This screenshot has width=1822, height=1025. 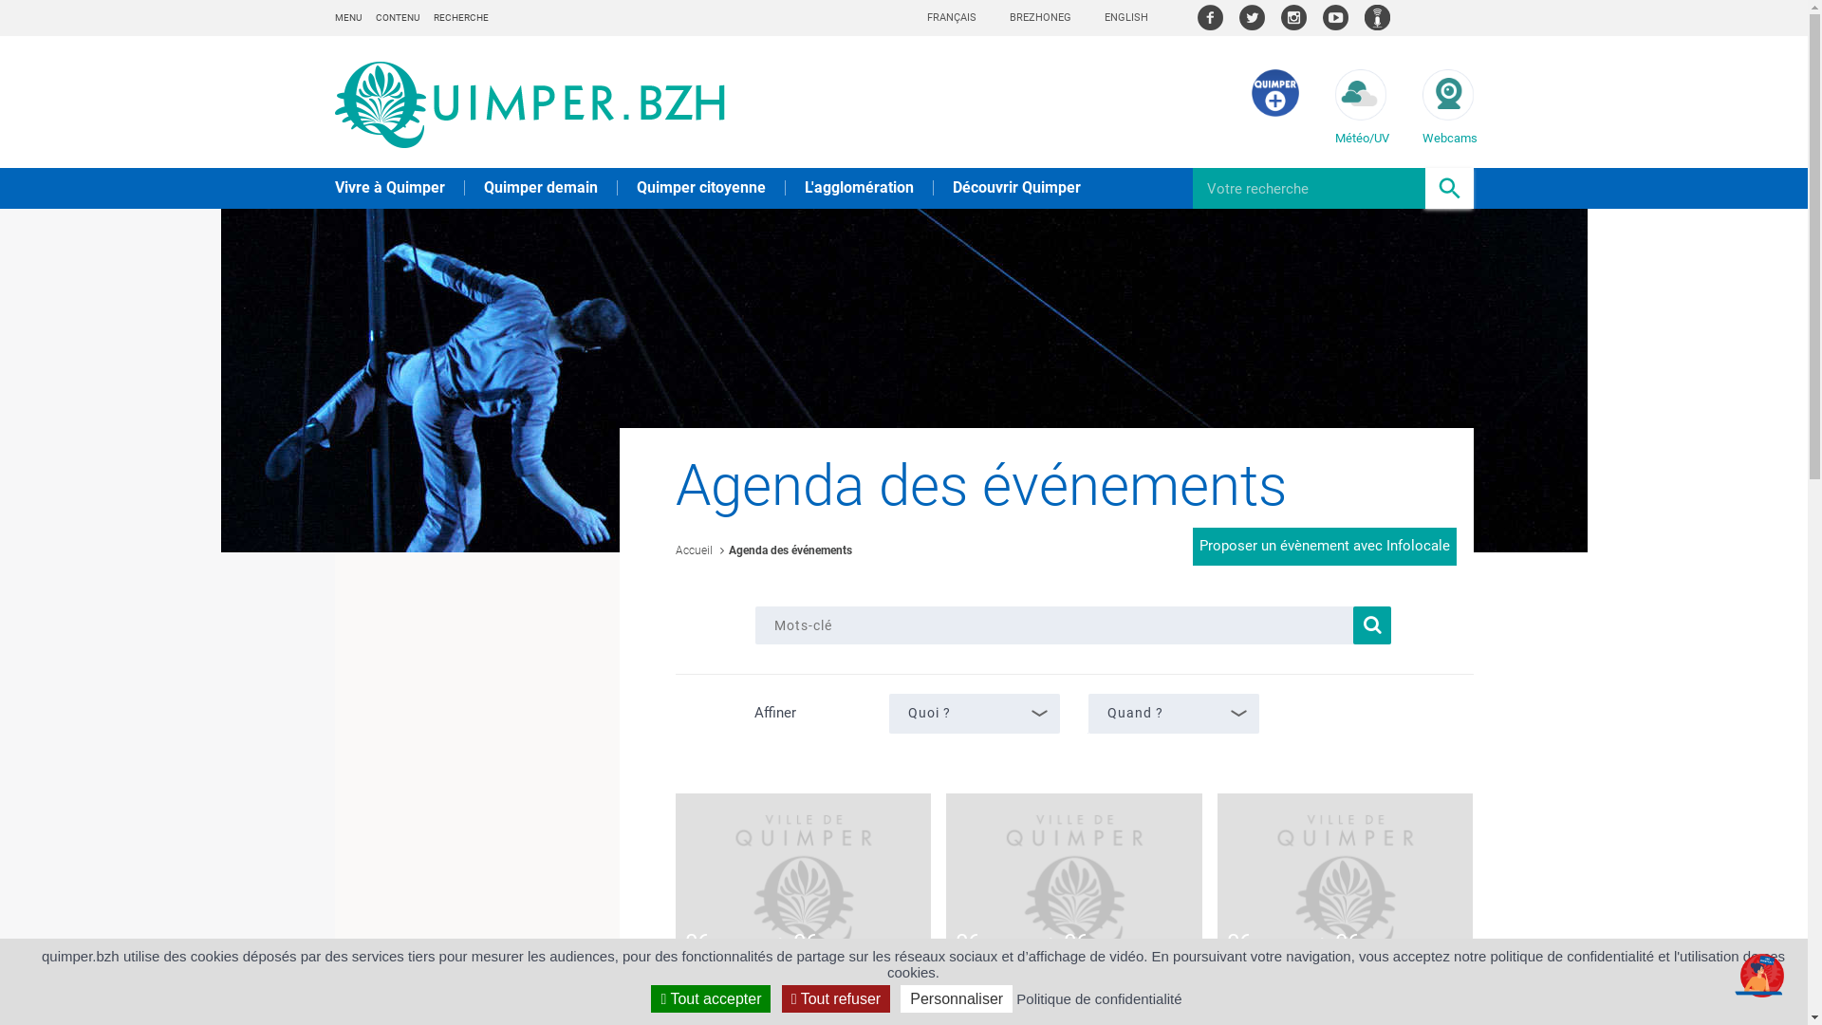 I want to click on 'Personnaliser', so click(x=957, y=997).